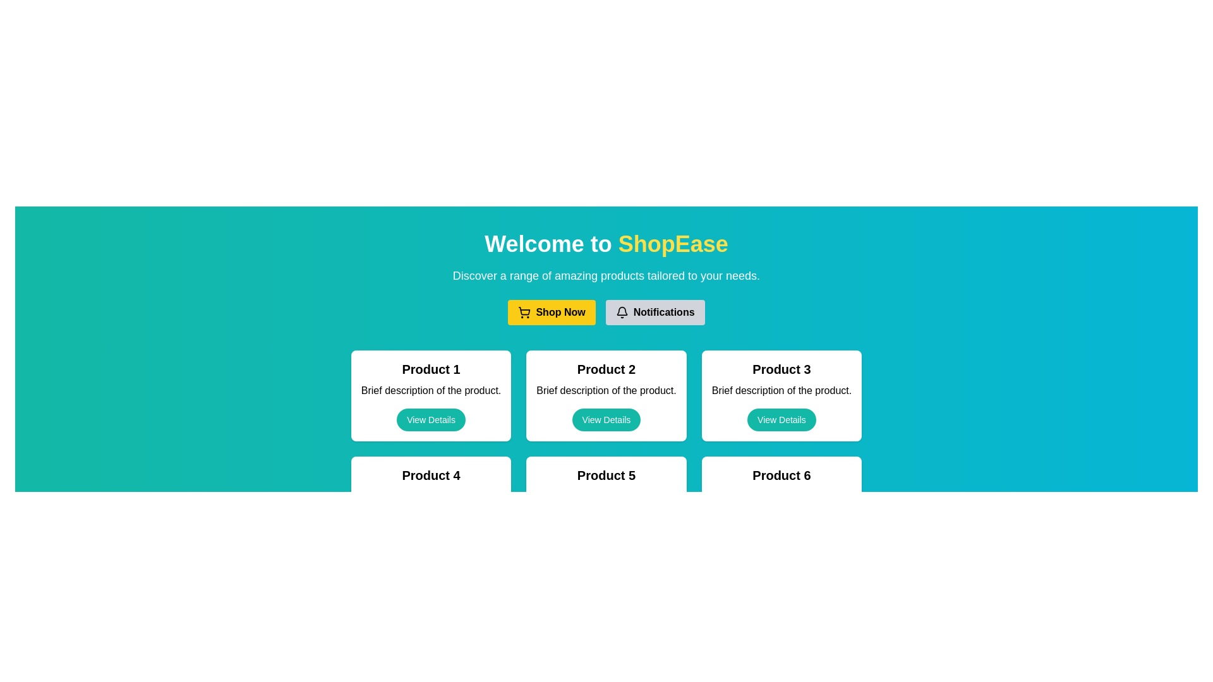  I want to click on text 'Brief description of the product.' which is displayed in a standard sans-serif font within the rounded rectangular card labeled 'Product 1', so click(431, 390).